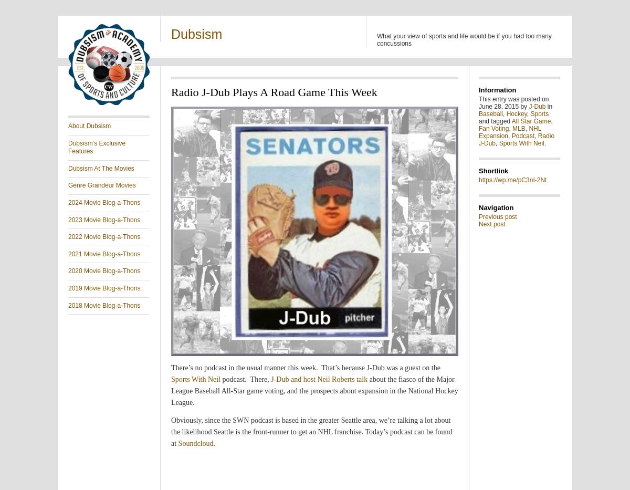 Image resolution: width=630 pixels, height=490 pixels. I want to click on 'Shortlink', so click(493, 170).